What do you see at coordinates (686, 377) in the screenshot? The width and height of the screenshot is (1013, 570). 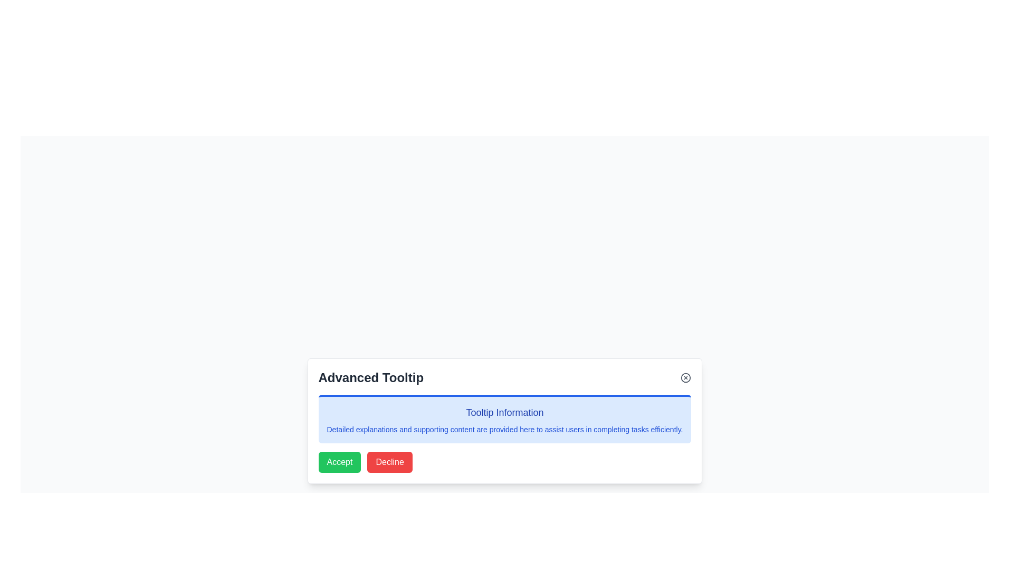 I see `the SVG Circle element located in the top-right corner of a tooltip modal, which is part of a close button icon` at bounding box center [686, 377].